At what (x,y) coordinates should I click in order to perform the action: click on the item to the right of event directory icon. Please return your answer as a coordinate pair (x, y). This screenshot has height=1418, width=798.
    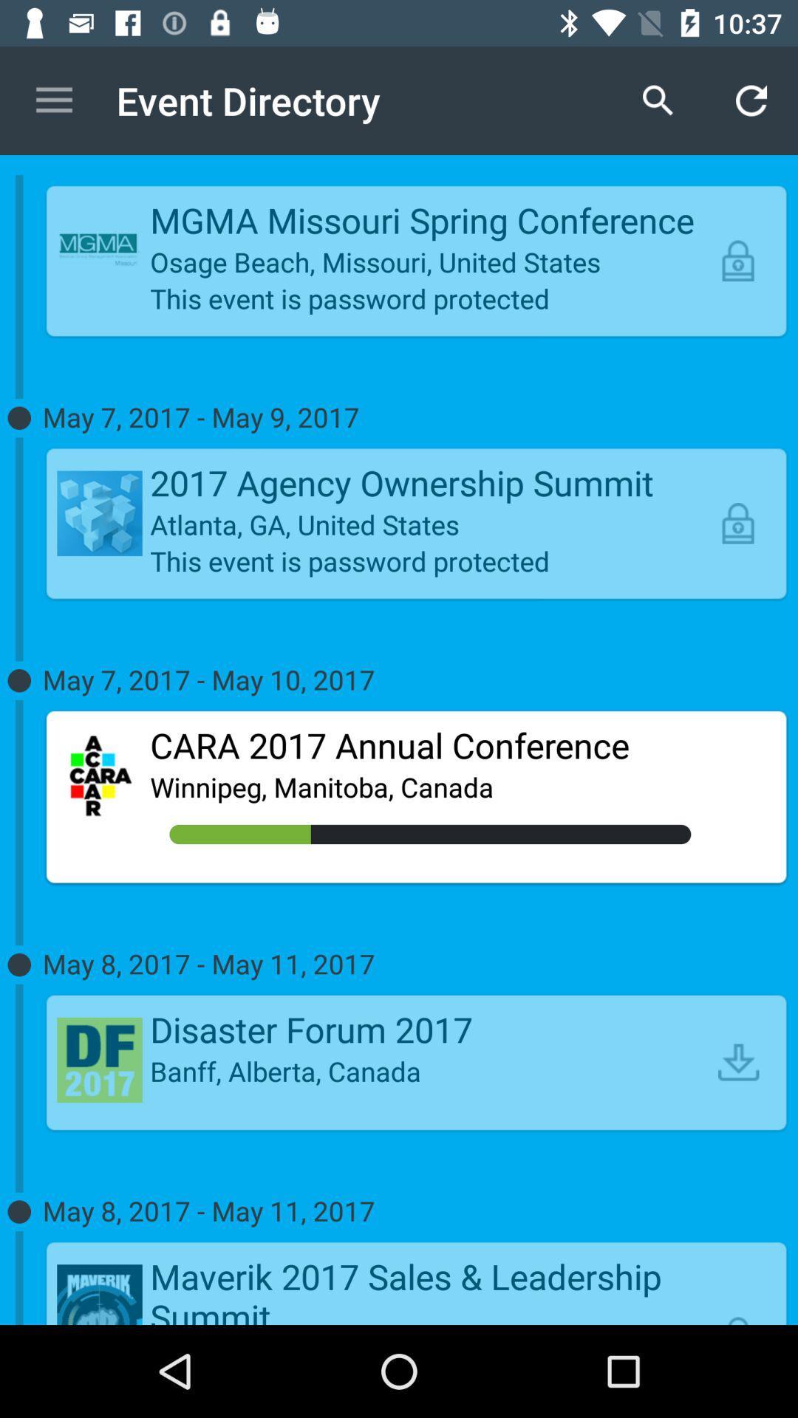
    Looking at the image, I should click on (658, 100).